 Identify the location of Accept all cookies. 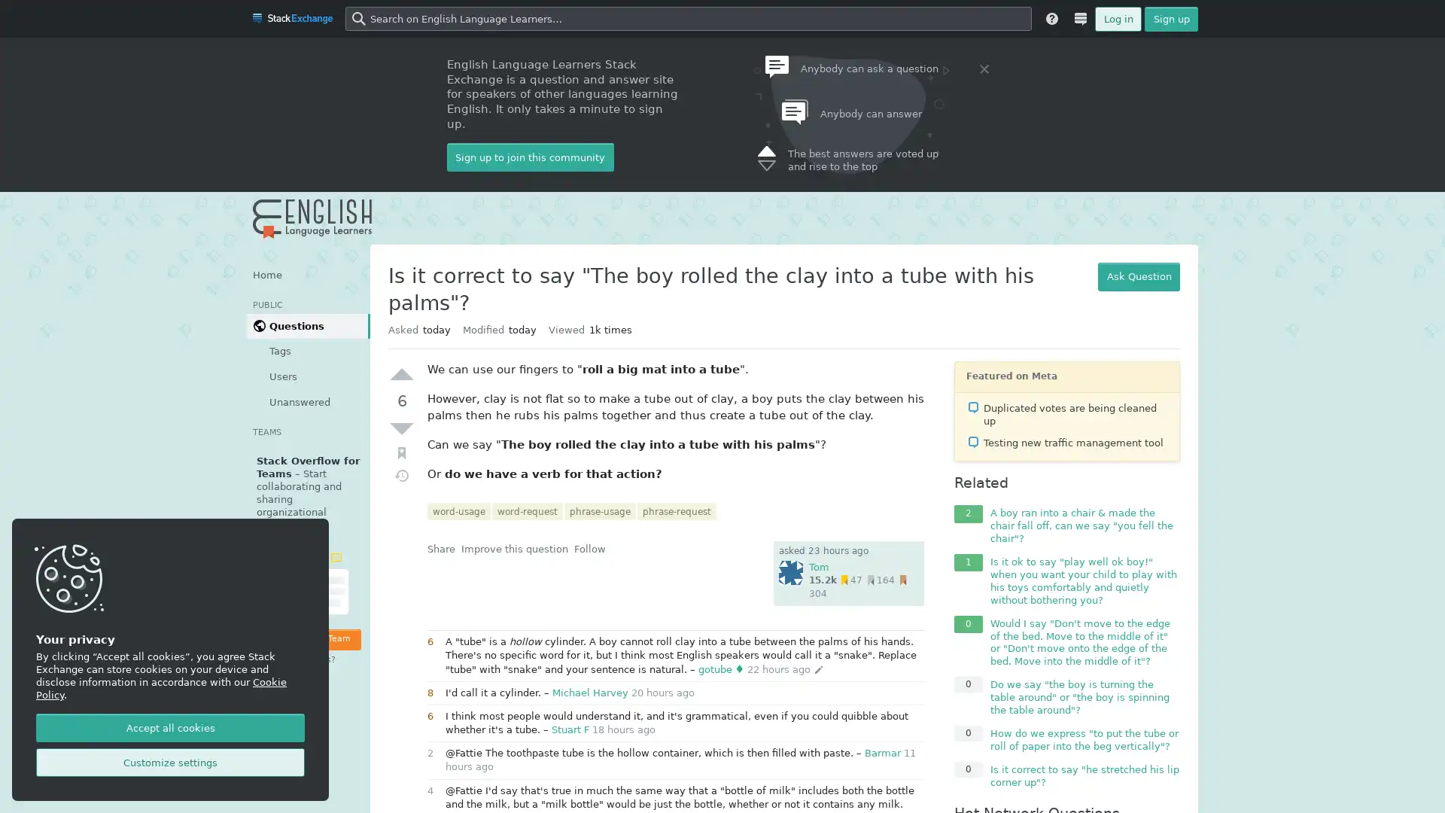
(170, 727).